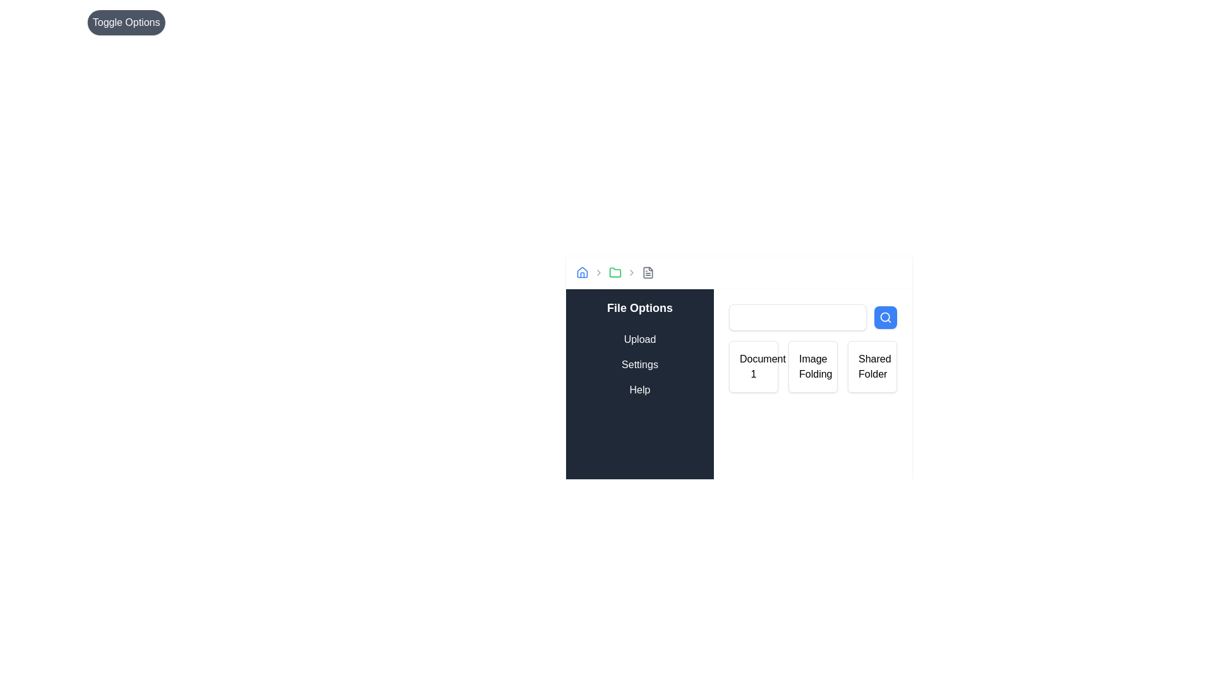  Describe the element at coordinates (648, 272) in the screenshot. I see `the first icon in the top bar area that resembles a simplified folder or document, which is part of the file management icon set` at that location.